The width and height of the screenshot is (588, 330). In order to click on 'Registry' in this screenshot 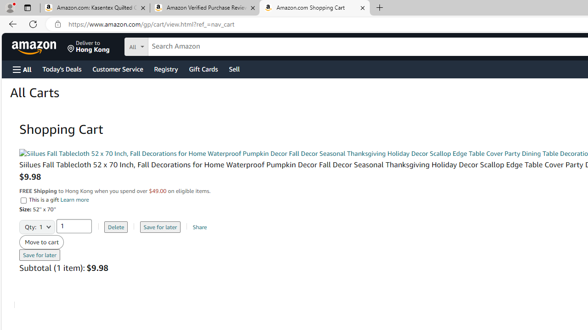, I will do `click(165, 68)`.